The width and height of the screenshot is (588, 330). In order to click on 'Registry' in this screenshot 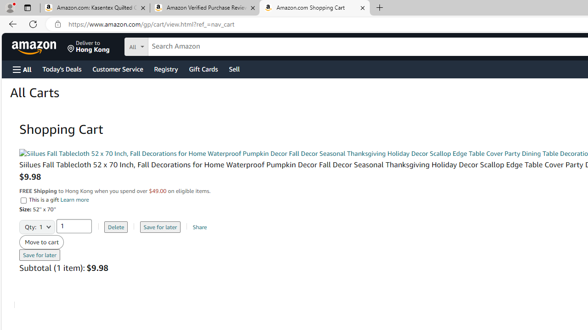, I will do `click(165, 68)`.